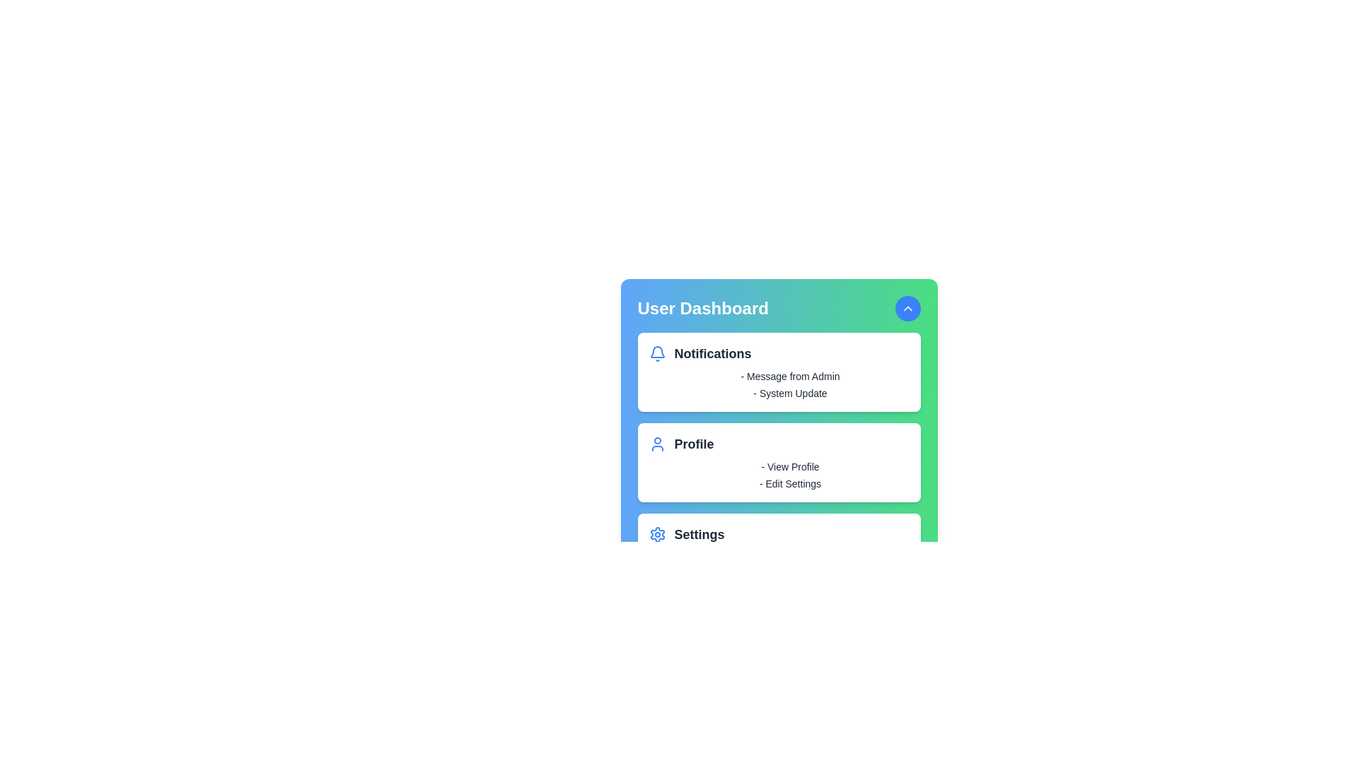 Image resolution: width=1358 pixels, height=763 pixels. I want to click on the toggle button in the header to toggle the menu visibility, so click(907, 307).